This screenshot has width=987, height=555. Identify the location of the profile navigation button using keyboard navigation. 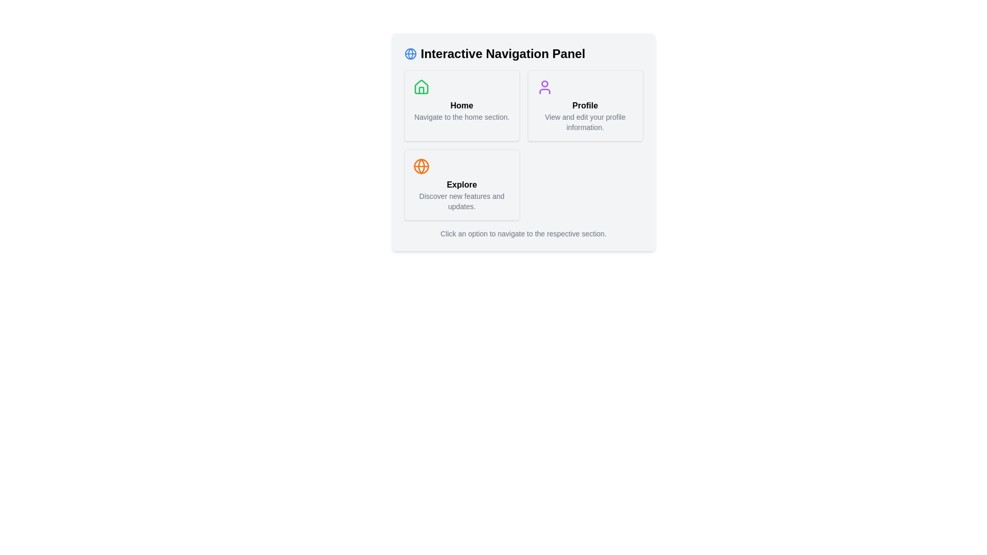
(585, 105).